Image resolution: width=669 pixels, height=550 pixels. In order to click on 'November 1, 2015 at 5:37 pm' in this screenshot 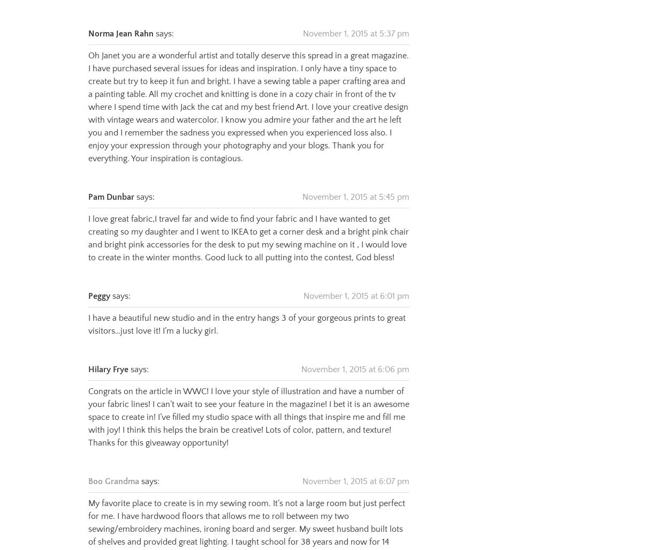, I will do `click(302, 20)`.